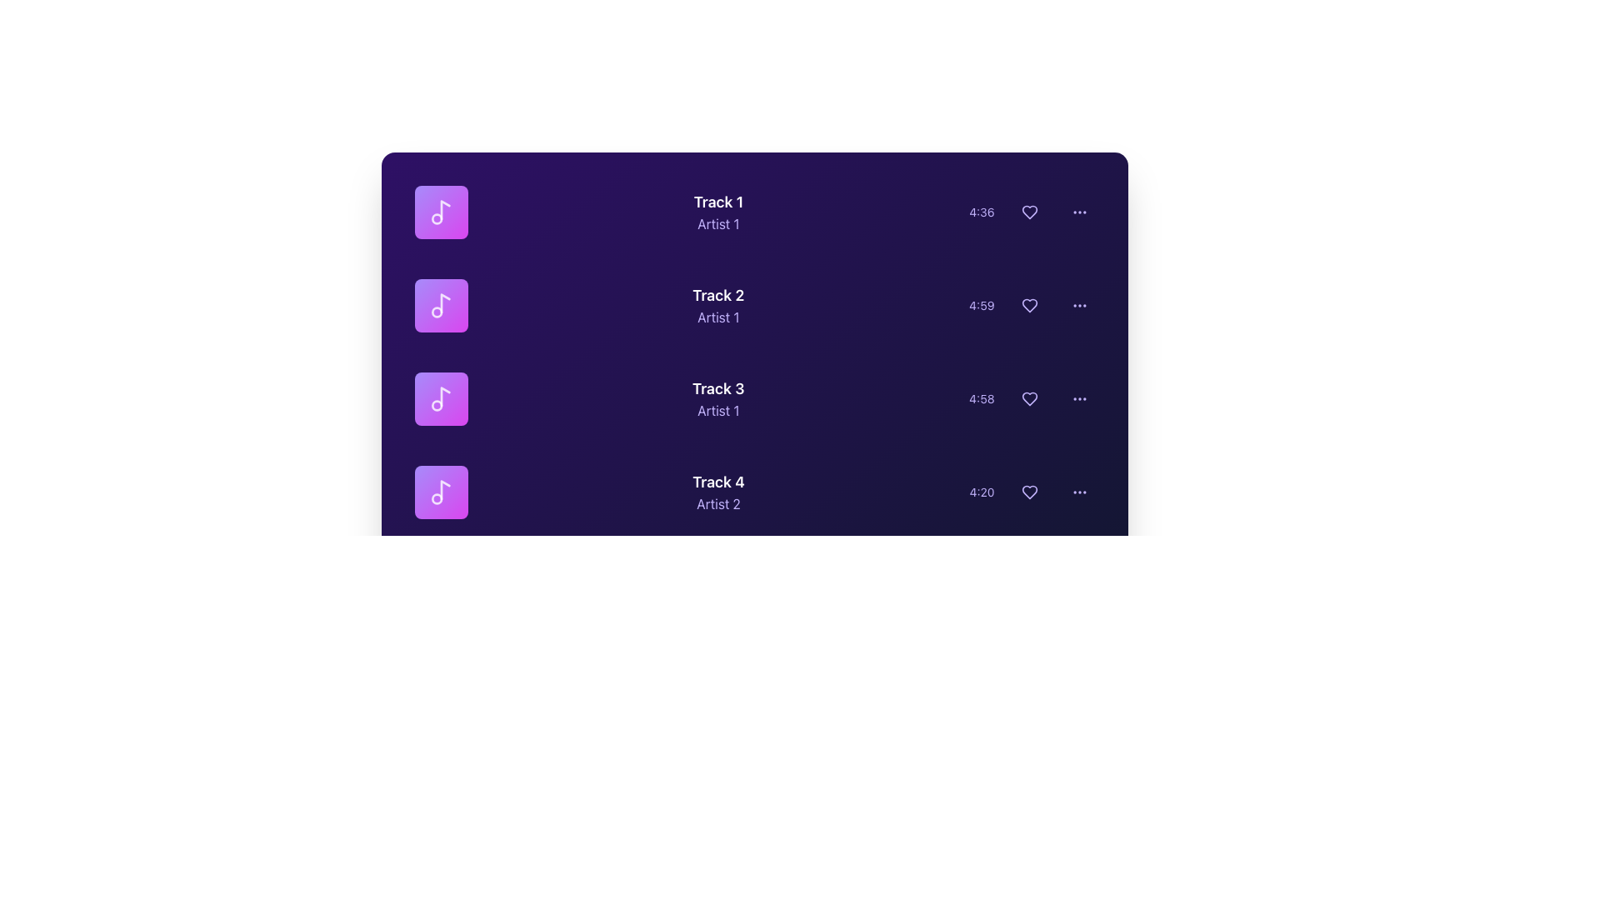  I want to click on the heart-shaped button with a hollow outline and violet fill, located at the far right of the Track 4 entry row, so click(1028, 491).